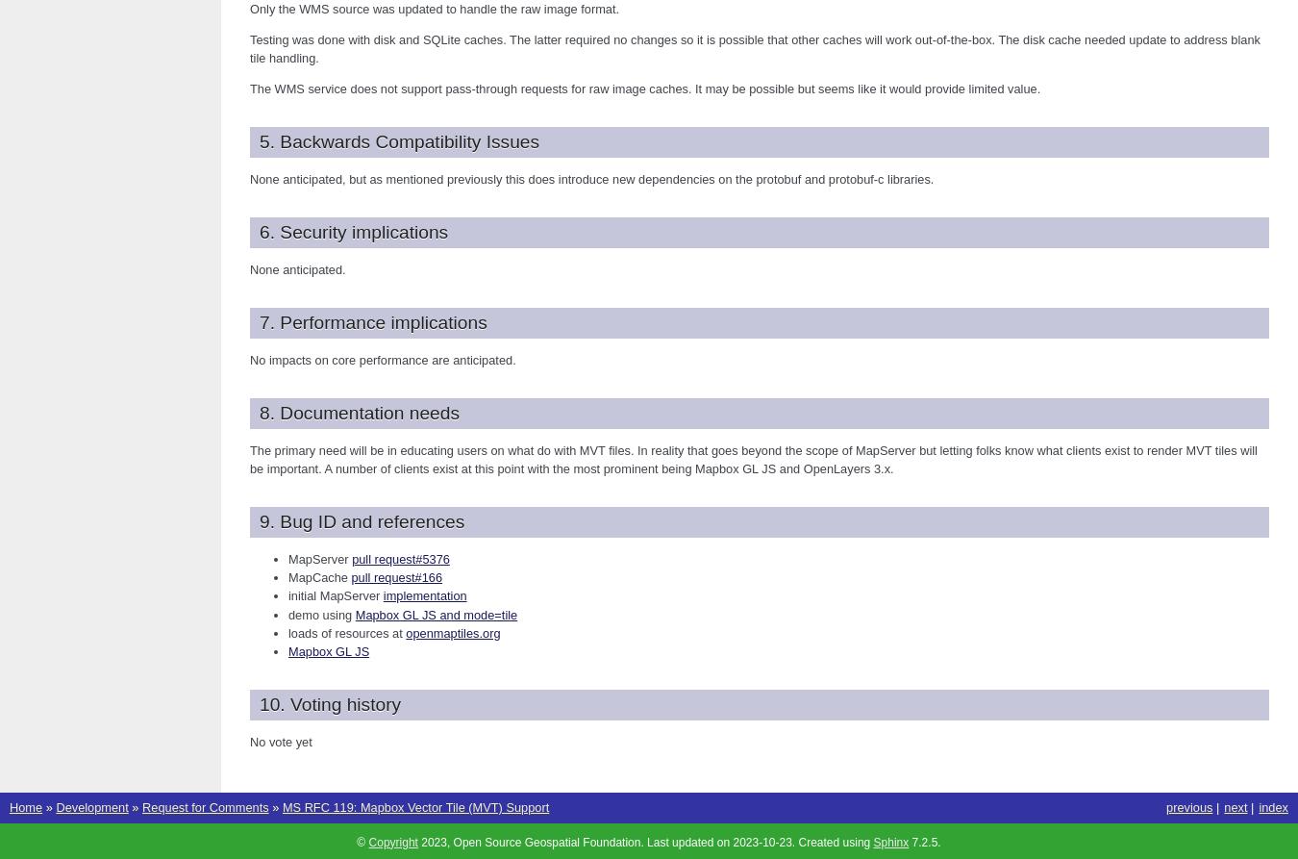 This screenshot has width=1298, height=859. Describe the element at coordinates (406, 632) in the screenshot. I see `'openmaptiles.org'` at that location.